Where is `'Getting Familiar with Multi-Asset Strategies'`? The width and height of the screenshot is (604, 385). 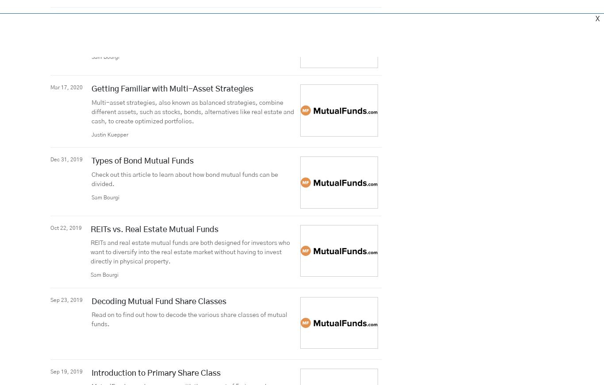 'Getting Familiar with Multi-Asset Strategies' is located at coordinates (172, 89).